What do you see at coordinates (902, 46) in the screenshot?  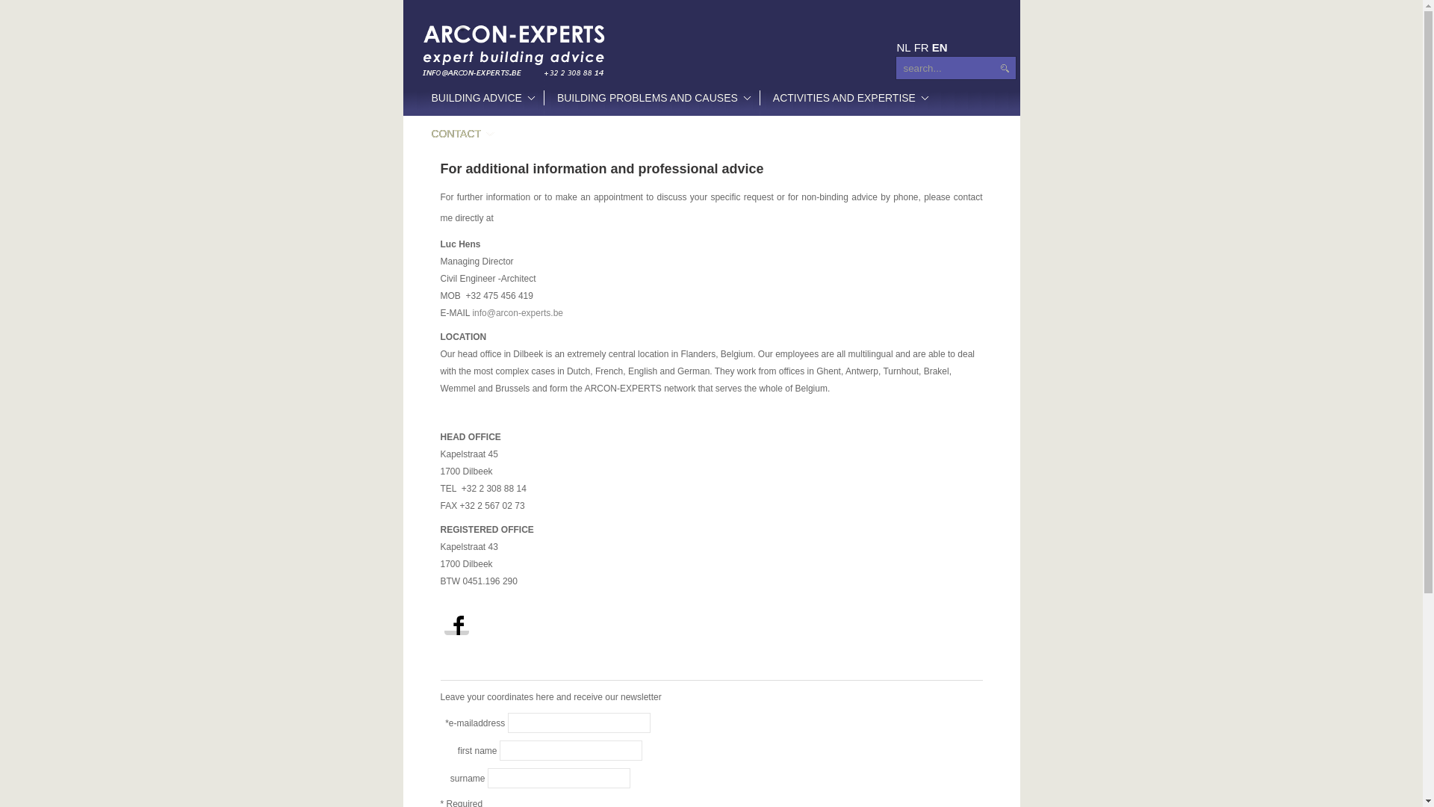 I see `'NL'` at bounding box center [902, 46].